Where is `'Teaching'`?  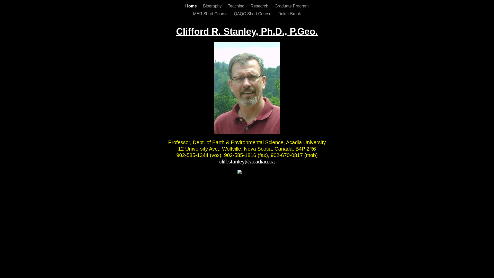
'Teaching' is located at coordinates (236, 6).